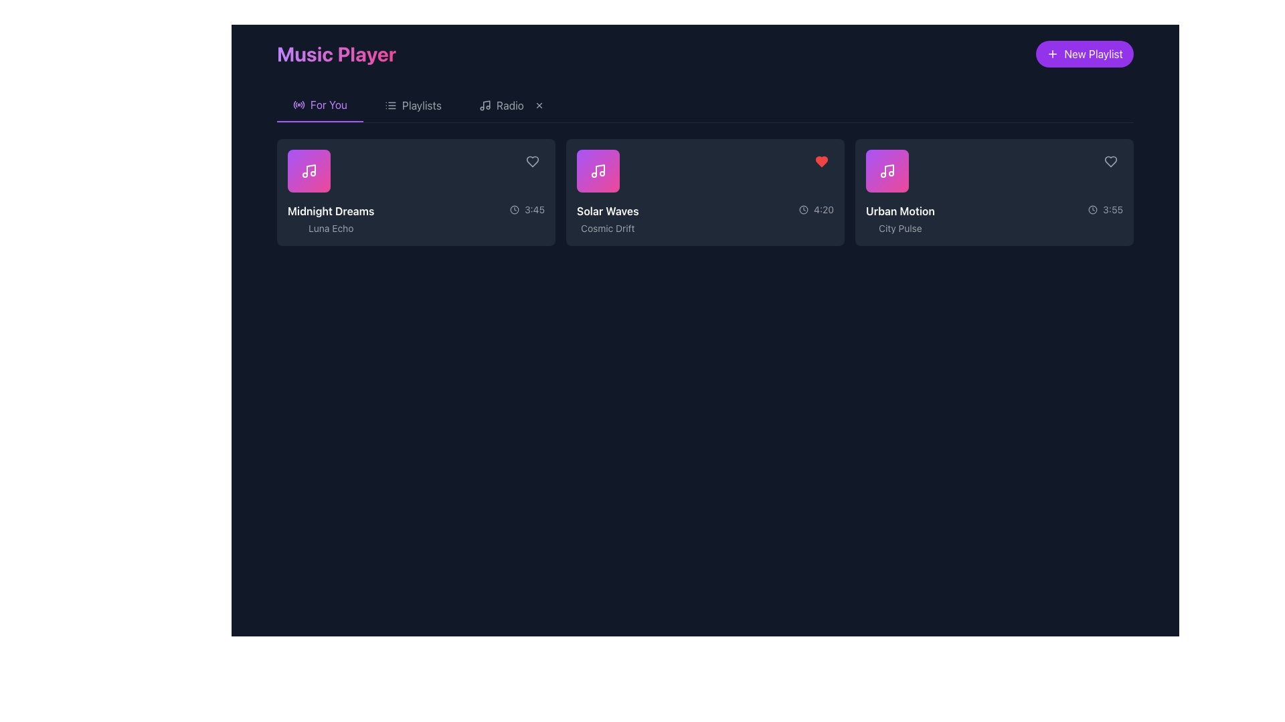  I want to click on the text label displaying 'Urban Motion' located at the top center of the third card component from the left, so click(900, 211).